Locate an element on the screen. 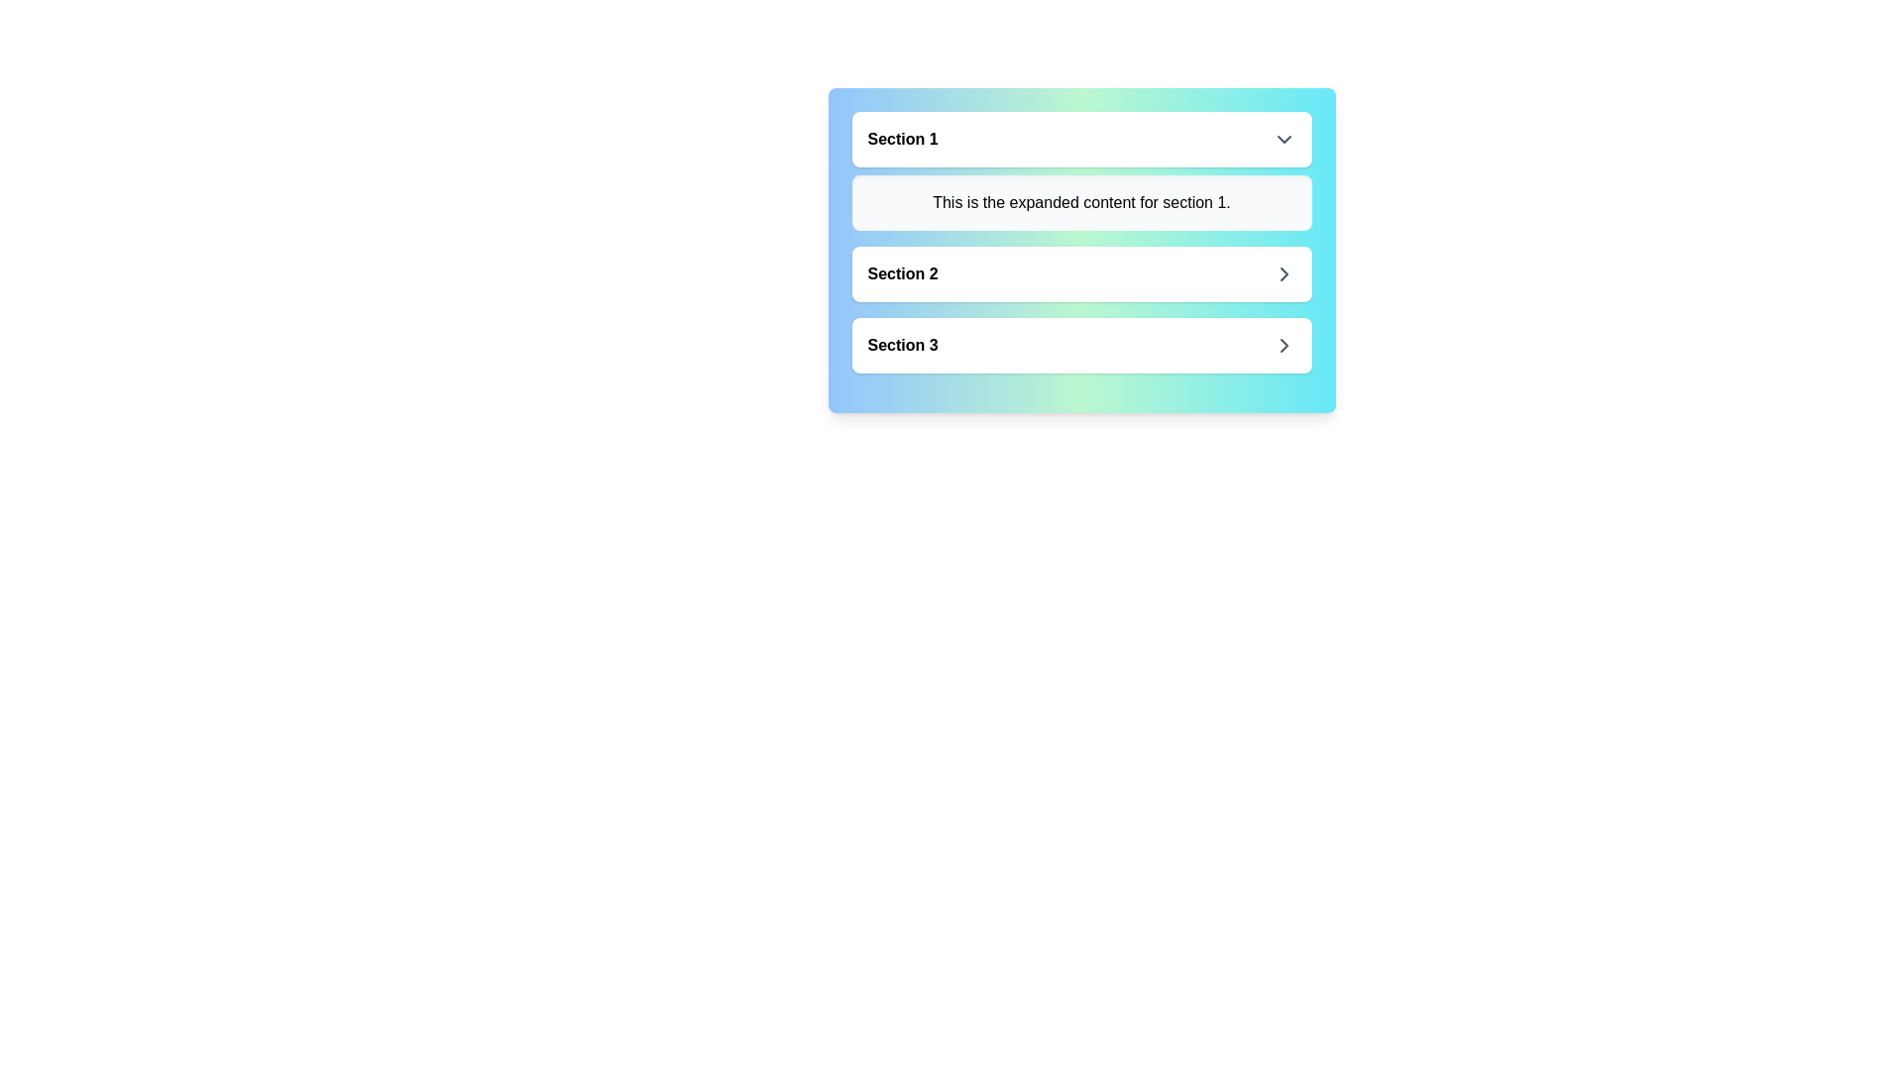 The height and width of the screenshot is (1070, 1903). the rightward-pointing chevron icon with a black outline is located at coordinates (1284, 344).